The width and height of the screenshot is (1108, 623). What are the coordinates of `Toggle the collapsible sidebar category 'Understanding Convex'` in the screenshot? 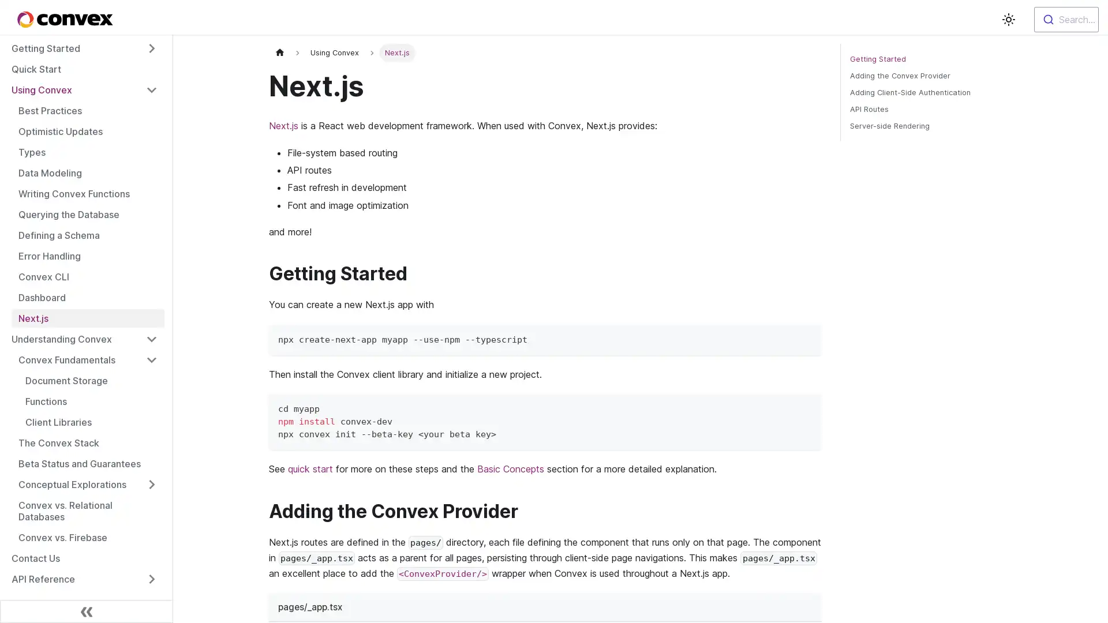 It's located at (151, 338).